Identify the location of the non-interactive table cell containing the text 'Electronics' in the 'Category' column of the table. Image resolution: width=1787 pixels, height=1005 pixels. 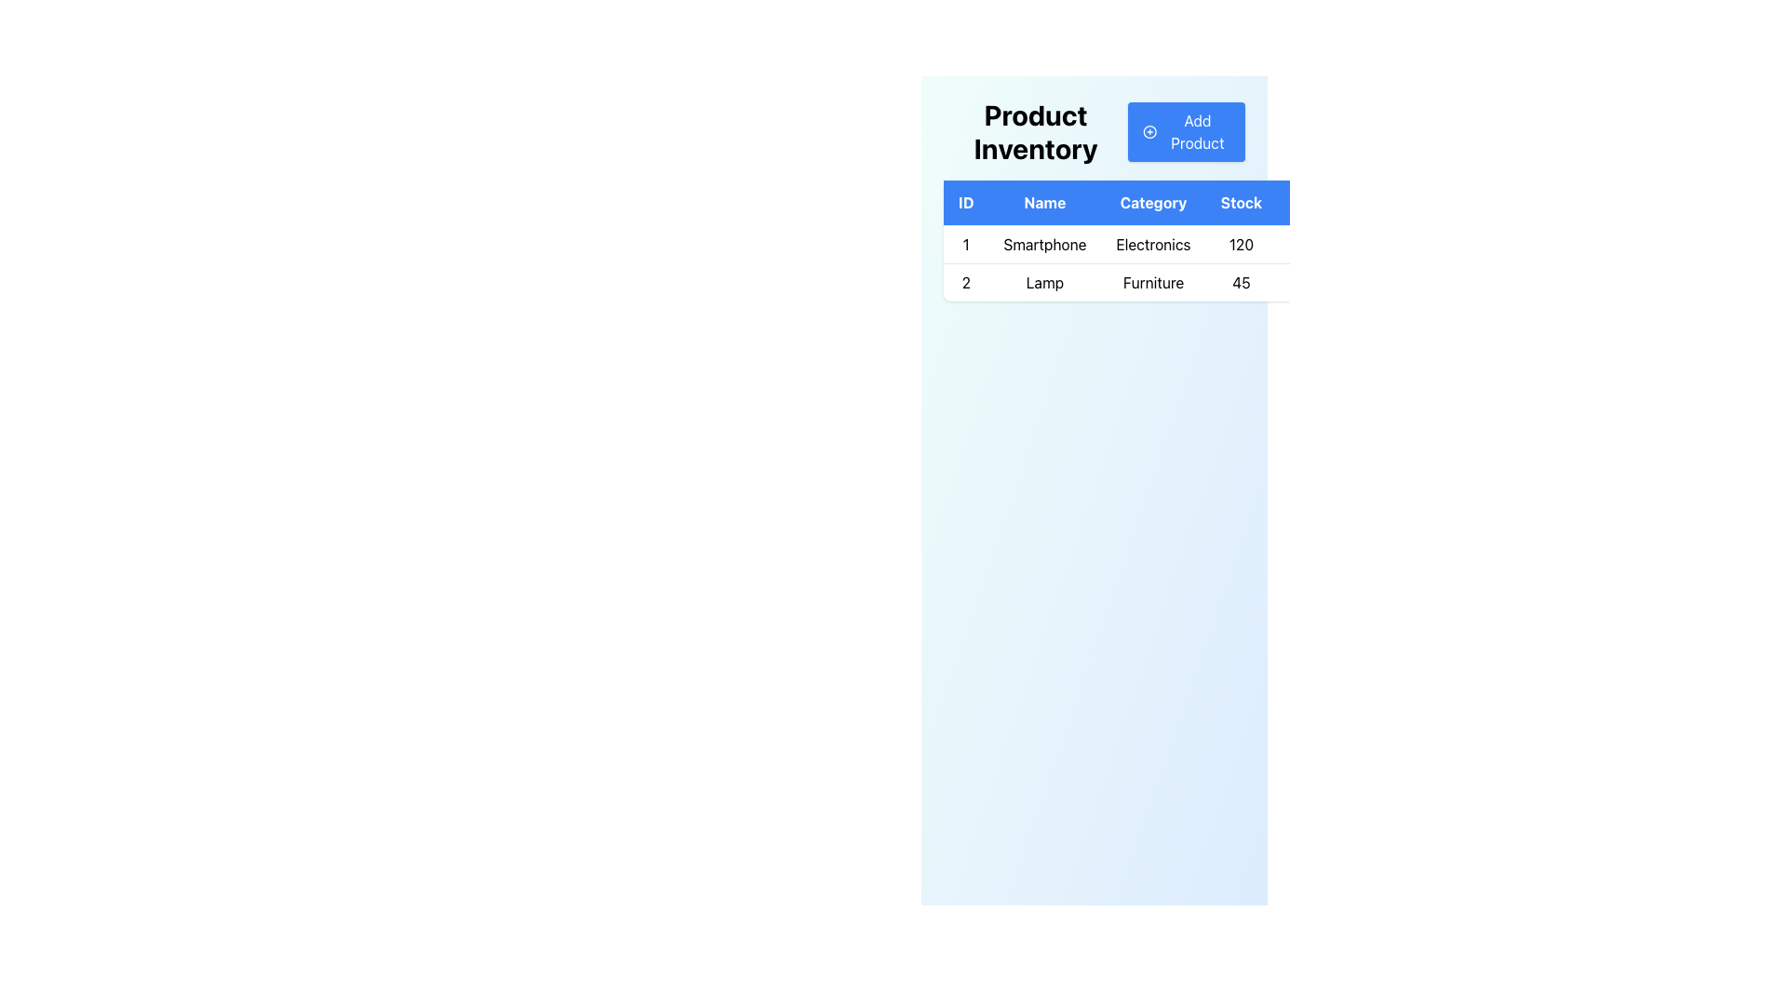
(1152, 243).